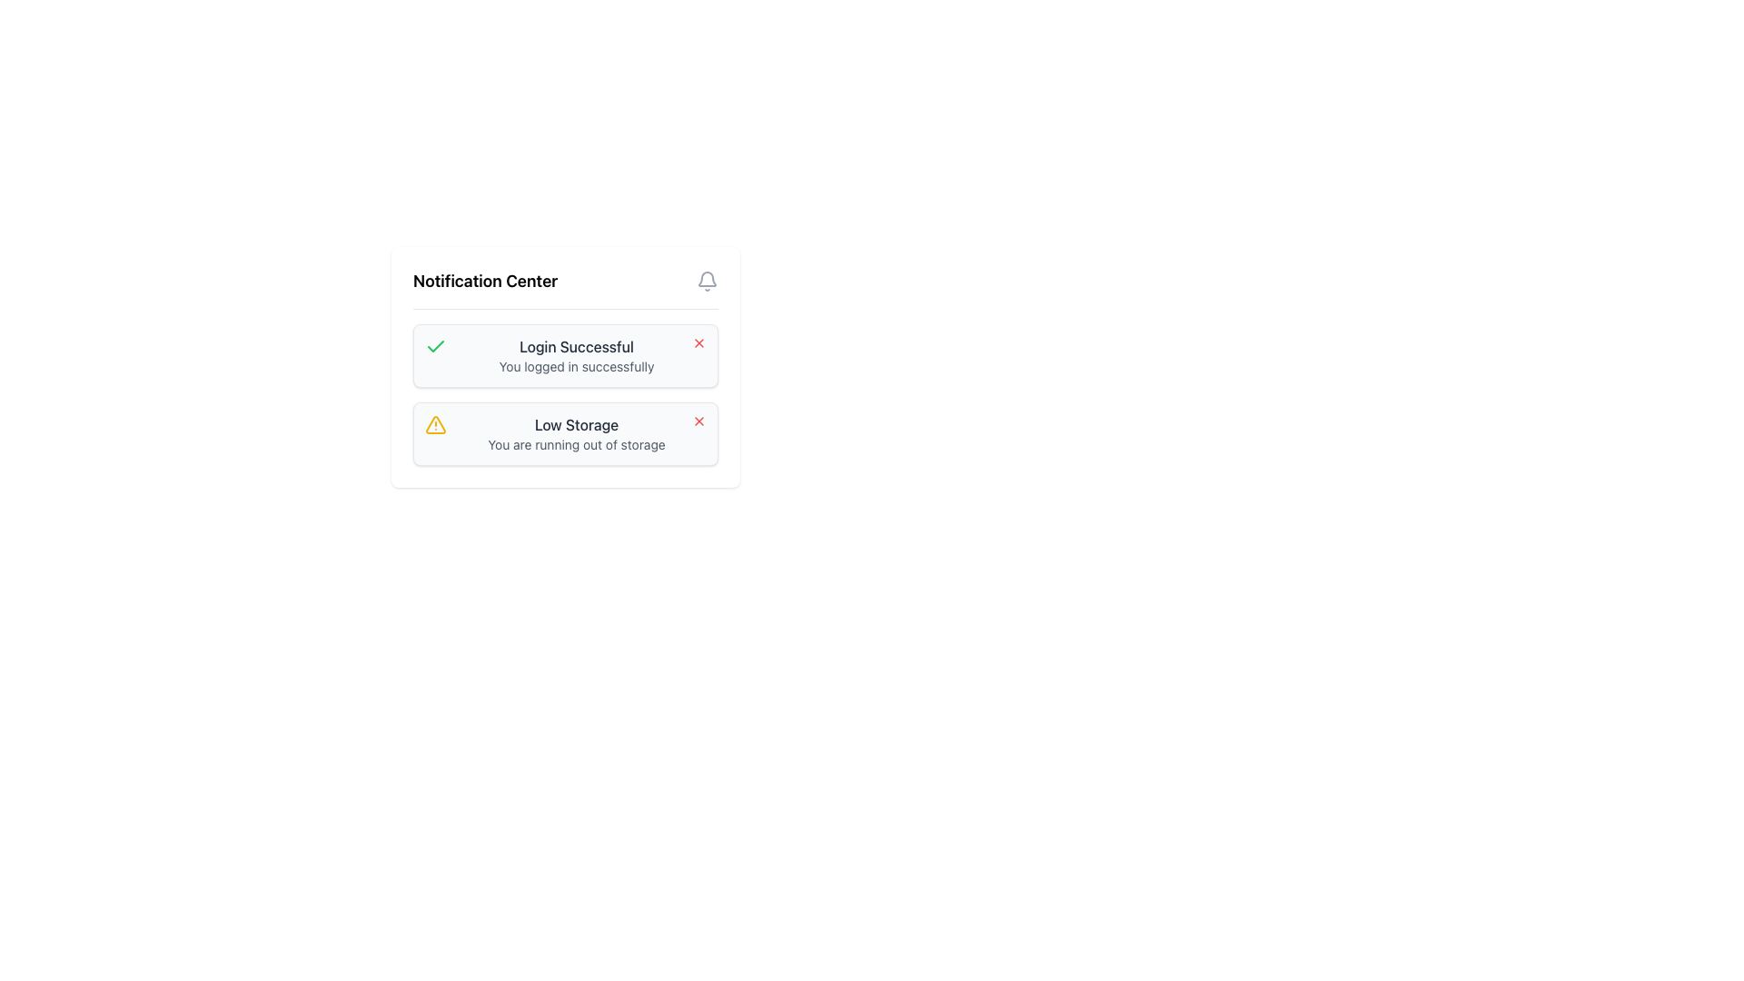 Image resolution: width=1744 pixels, height=981 pixels. Describe the element at coordinates (575, 356) in the screenshot. I see `the Text Block displaying 'Login Successful' and 'You logged in successfully', which is centrally positioned within the Notification Center interface` at that location.